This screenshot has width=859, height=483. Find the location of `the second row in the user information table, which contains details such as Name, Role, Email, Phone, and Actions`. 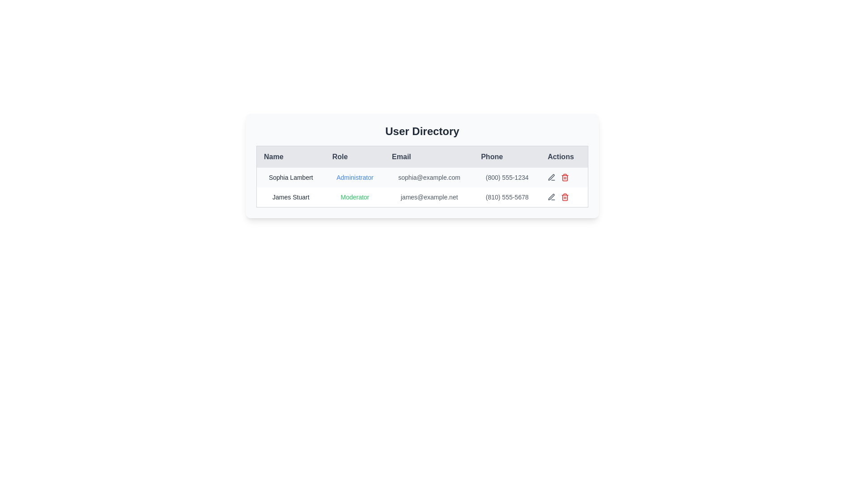

the second row in the user information table, which contains details such as Name, Role, Email, Phone, and Actions is located at coordinates (422, 187).